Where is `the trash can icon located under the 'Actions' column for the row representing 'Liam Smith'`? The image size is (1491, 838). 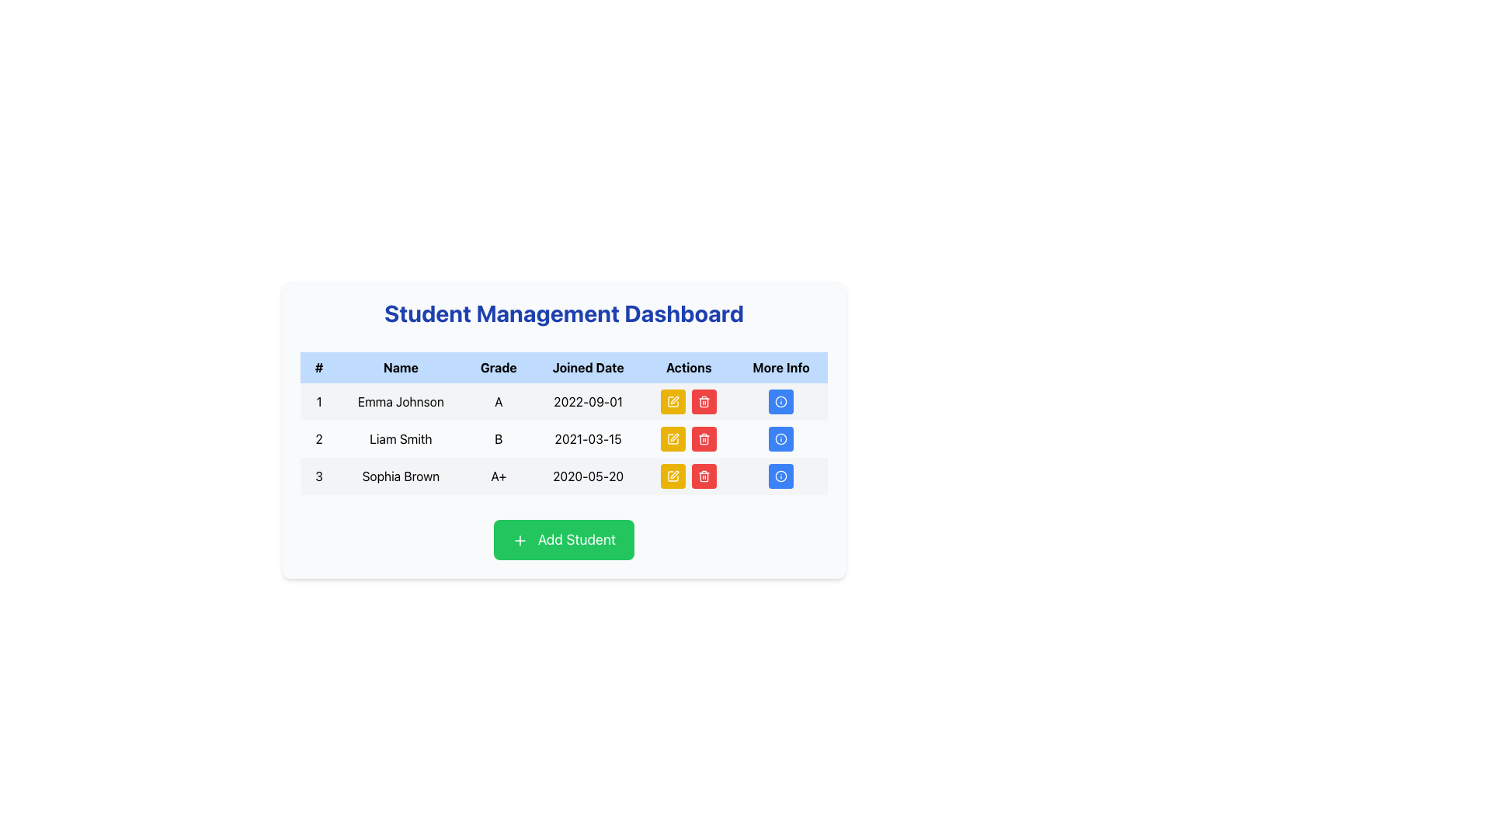
the trash can icon located under the 'Actions' column for the row representing 'Liam Smith' is located at coordinates (704, 440).